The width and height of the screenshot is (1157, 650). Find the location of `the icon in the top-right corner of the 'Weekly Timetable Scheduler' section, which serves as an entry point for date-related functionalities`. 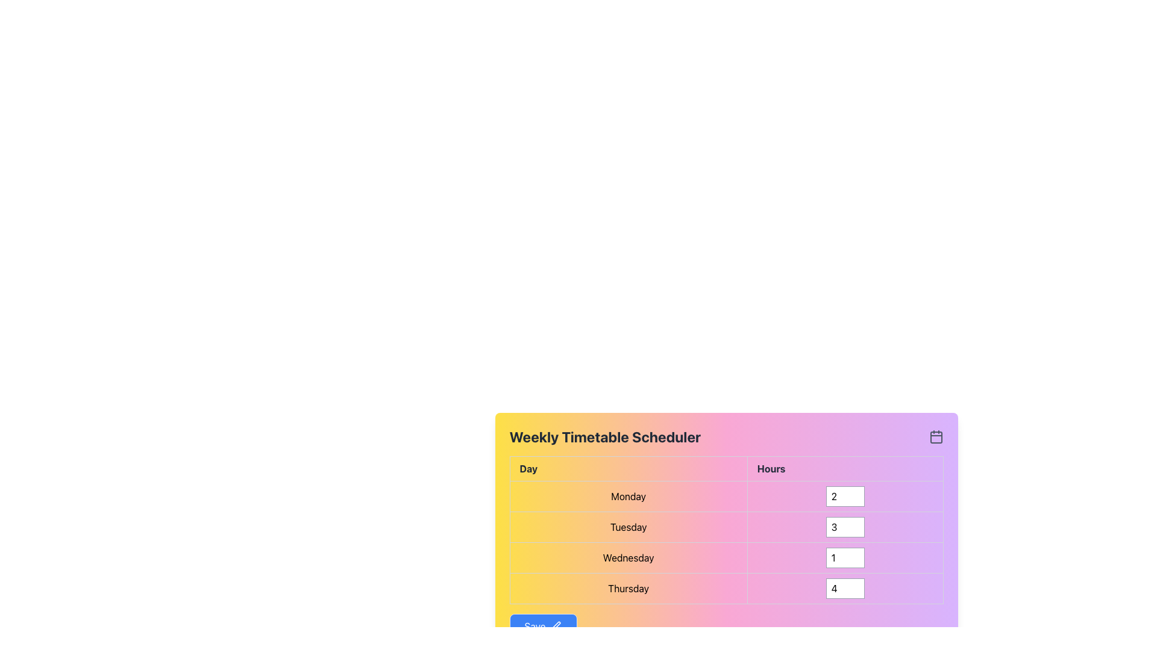

the icon in the top-right corner of the 'Weekly Timetable Scheduler' section, which serves as an entry point for date-related functionalities is located at coordinates (935, 436).